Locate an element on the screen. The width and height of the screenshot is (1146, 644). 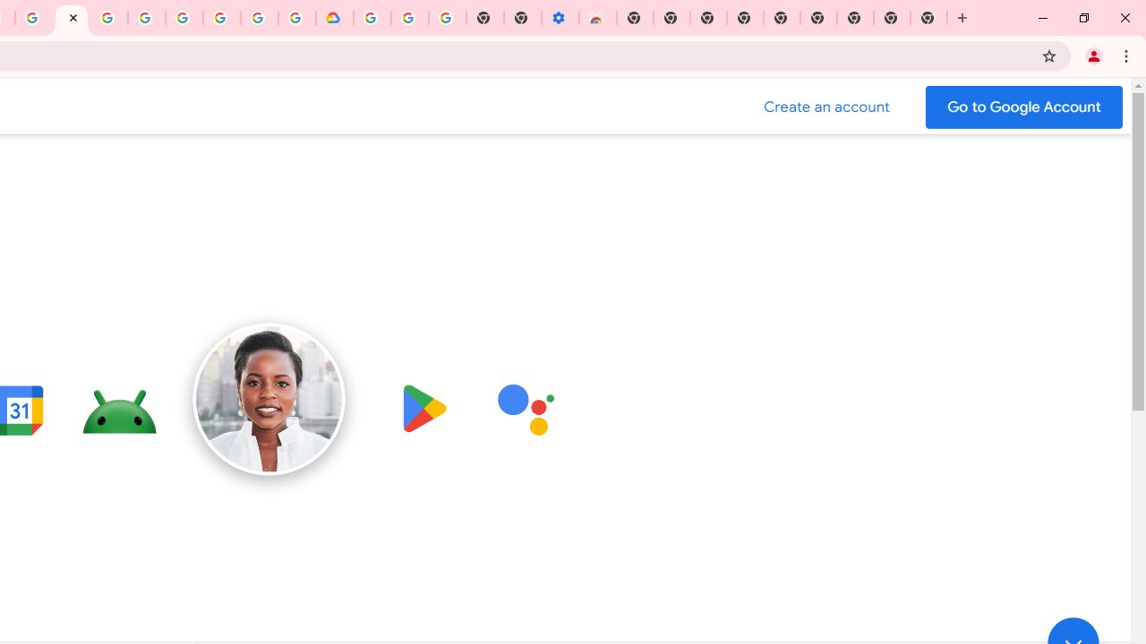
'Go to your Google Account' is located at coordinates (1024, 106).